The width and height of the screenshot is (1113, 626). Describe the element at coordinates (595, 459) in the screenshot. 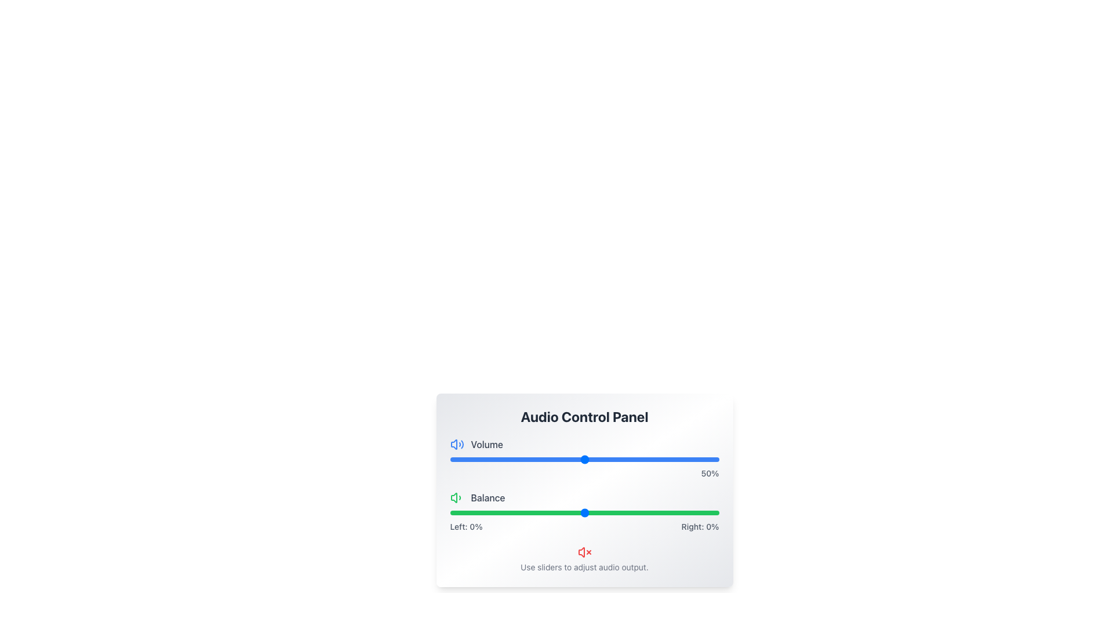

I see `the volume` at that location.